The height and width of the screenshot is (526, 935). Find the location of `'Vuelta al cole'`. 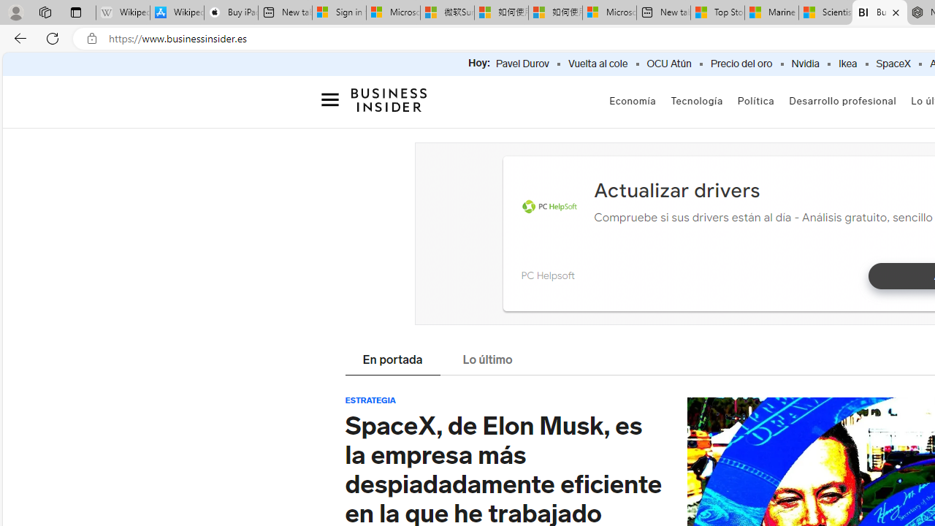

'Vuelta al cole' is located at coordinates (598, 64).